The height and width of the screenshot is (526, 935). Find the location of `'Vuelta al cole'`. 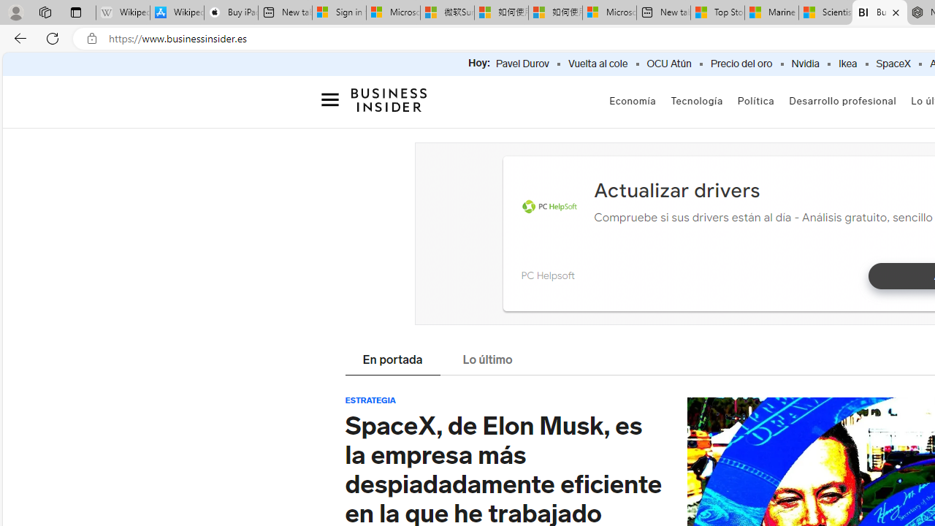

'Vuelta al cole' is located at coordinates (598, 64).